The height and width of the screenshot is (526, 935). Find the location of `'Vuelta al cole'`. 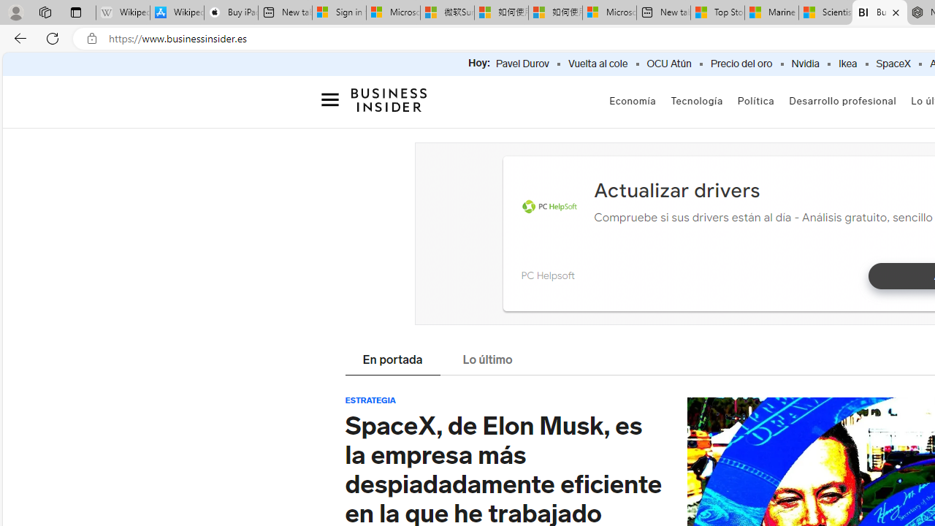

'Vuelta al cole' is located at coordinates (598, 64).